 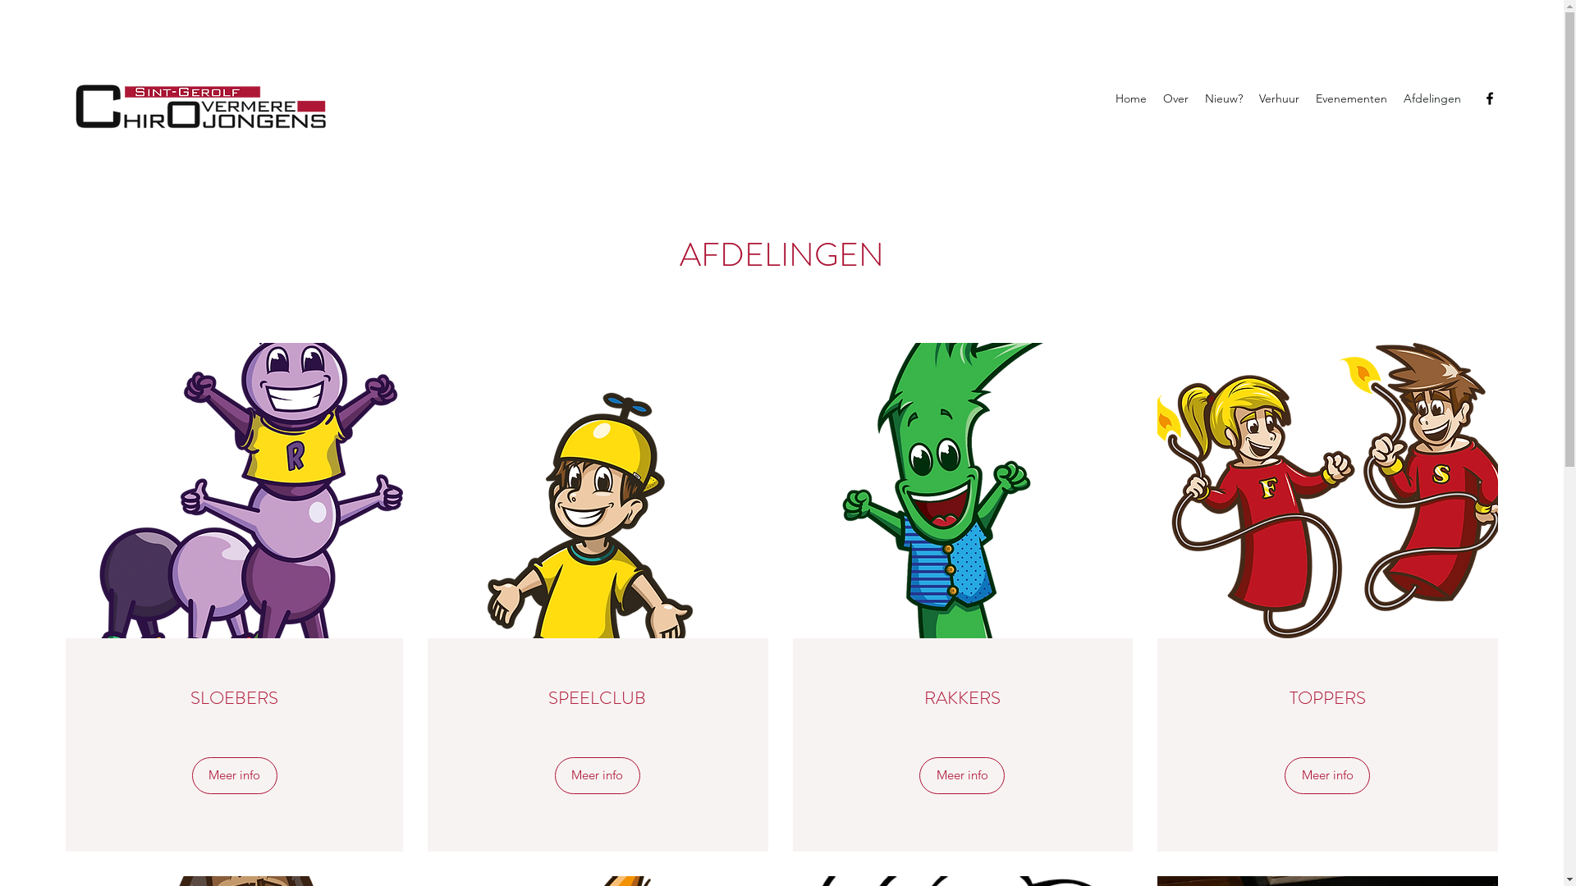 I want to click on 'Meer info', so click(x=1327, y=775).